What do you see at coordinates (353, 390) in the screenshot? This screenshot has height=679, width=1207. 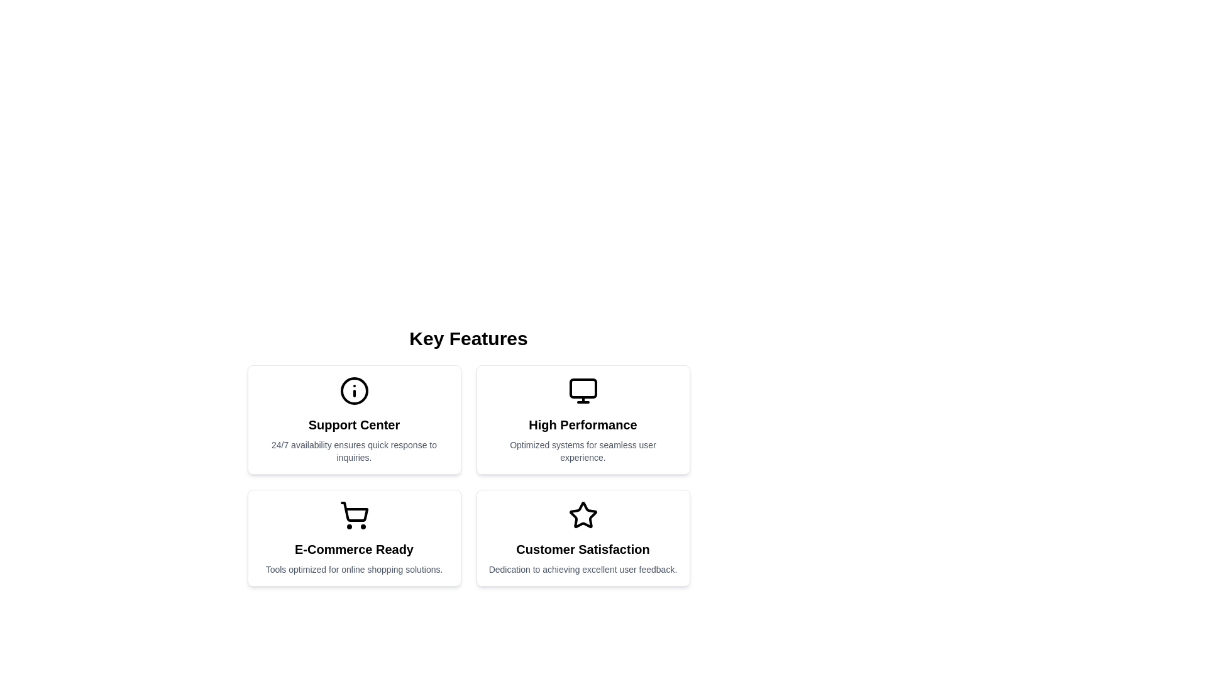 I see `the information icon positioned above the 'Support Center' label, located in the upper-left quadrant beneath the 'Key Features' headline` at bounding box center [353, 390].